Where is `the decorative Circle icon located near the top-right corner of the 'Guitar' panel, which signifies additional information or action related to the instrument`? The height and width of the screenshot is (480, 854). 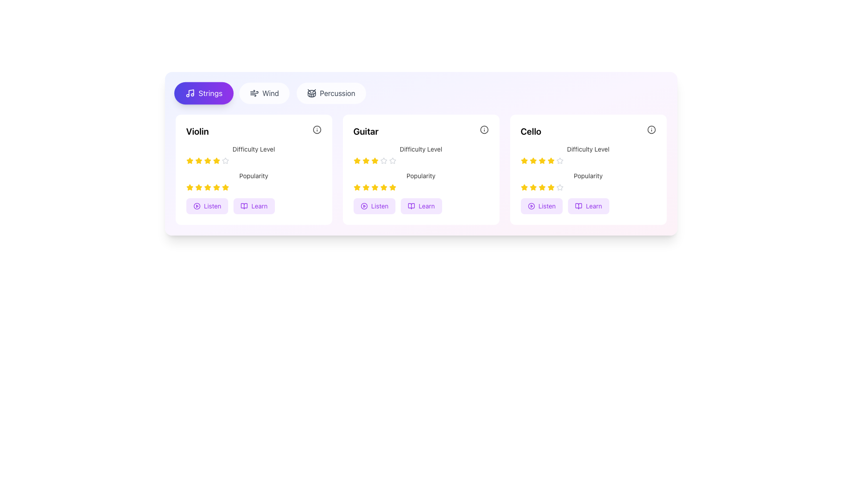 the decorative Circle icon located near the top-right corner of the 'Guitar' panel, which signifies additional information or action related to the instrument is located at coordinates (483, 130).